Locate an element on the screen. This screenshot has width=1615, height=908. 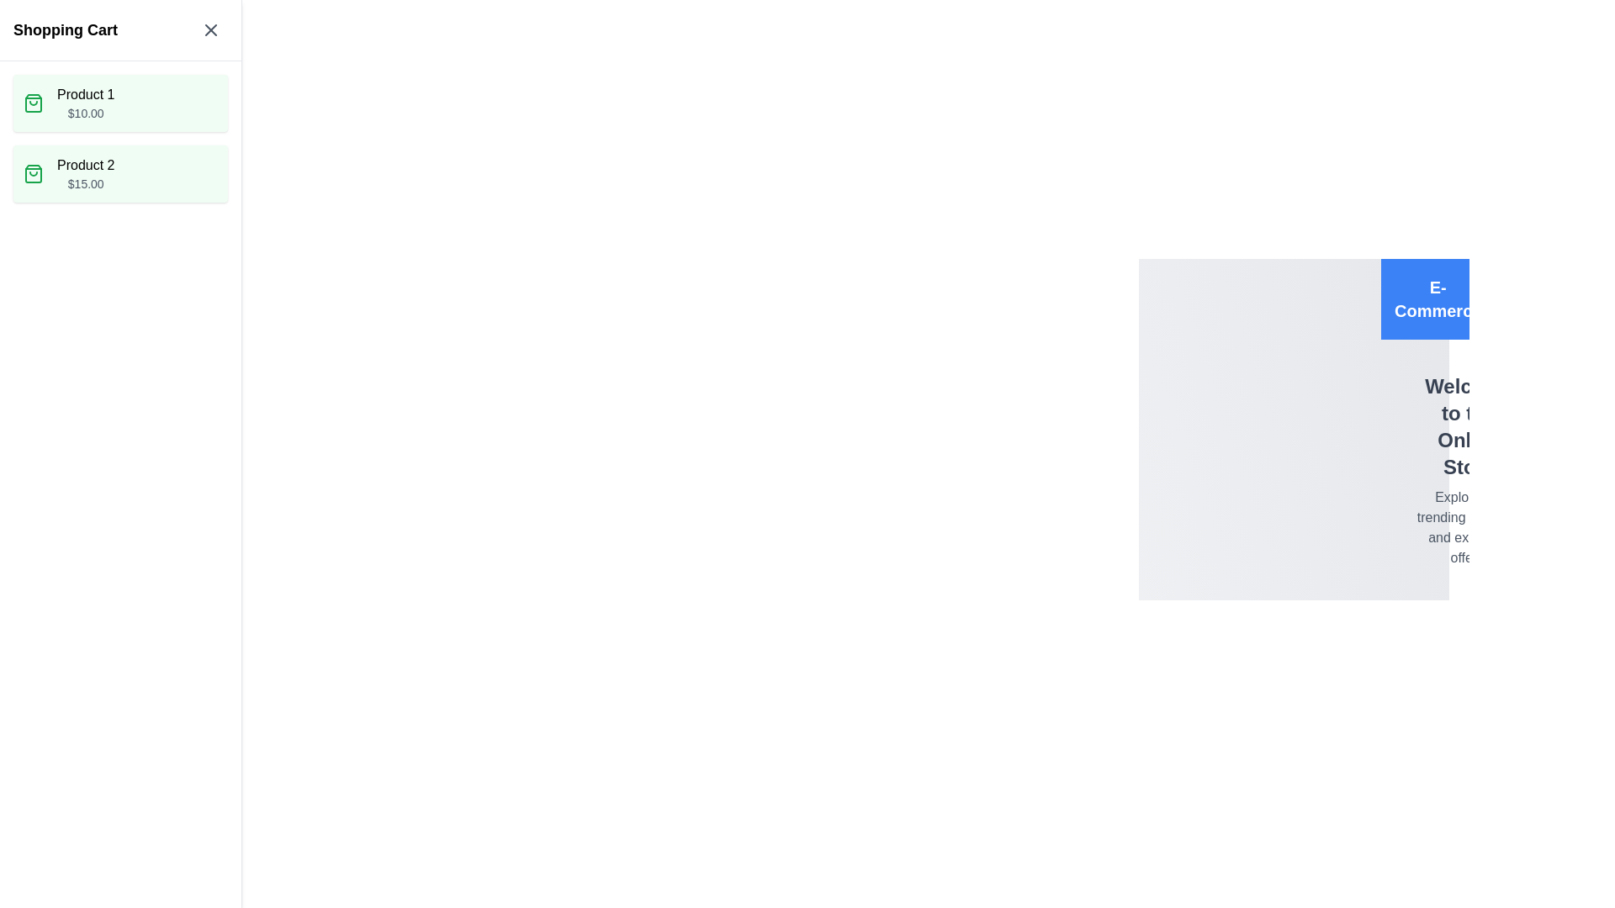
the price text label for 'Product 1' in the shopping cart, which is positioned directly below the product label and aligned with it is located at coordinates (85, 113).